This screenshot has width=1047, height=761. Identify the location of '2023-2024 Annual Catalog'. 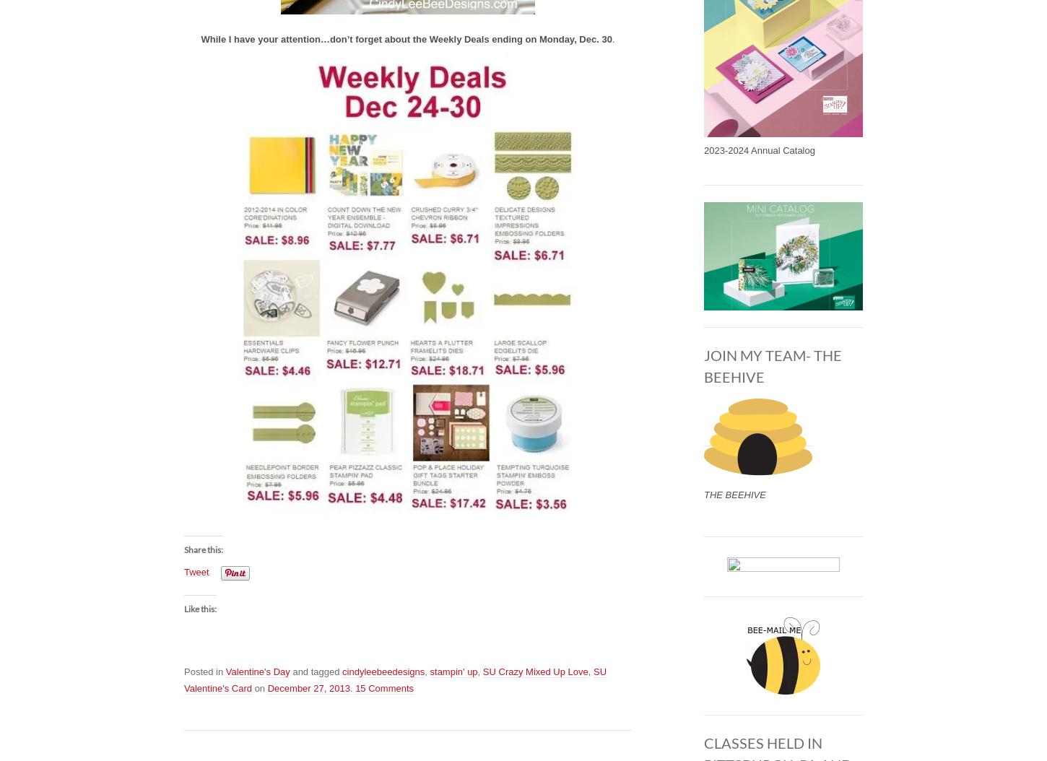
(703, 149).